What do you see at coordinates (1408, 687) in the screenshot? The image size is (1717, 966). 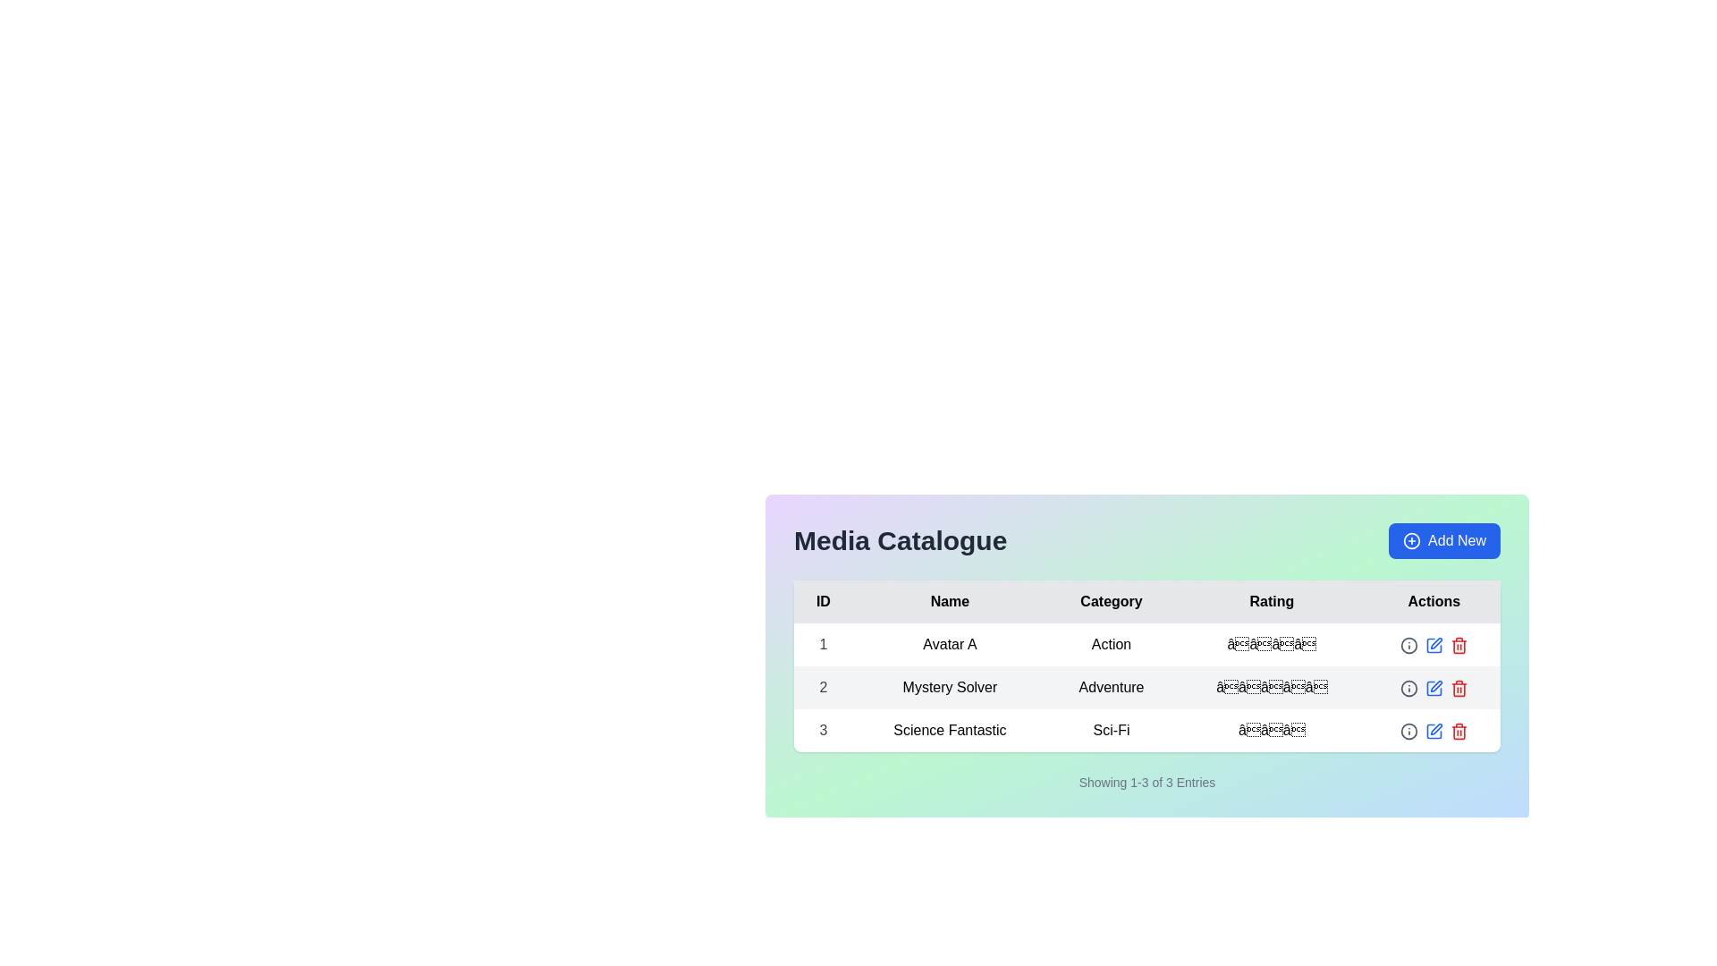 I see `the informational icon button located in the 'Actions' column of the 'Mystery Solver' entry in the 'Adventure' category` at bounding box center [1408, 687].